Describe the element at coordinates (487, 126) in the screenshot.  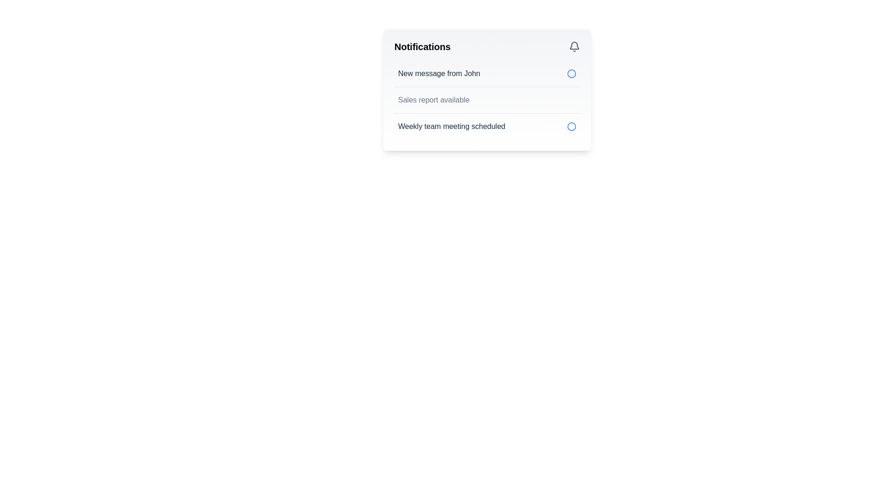
I see `the Notification item that states 'Weekly team meeting scheduled'` at that location.